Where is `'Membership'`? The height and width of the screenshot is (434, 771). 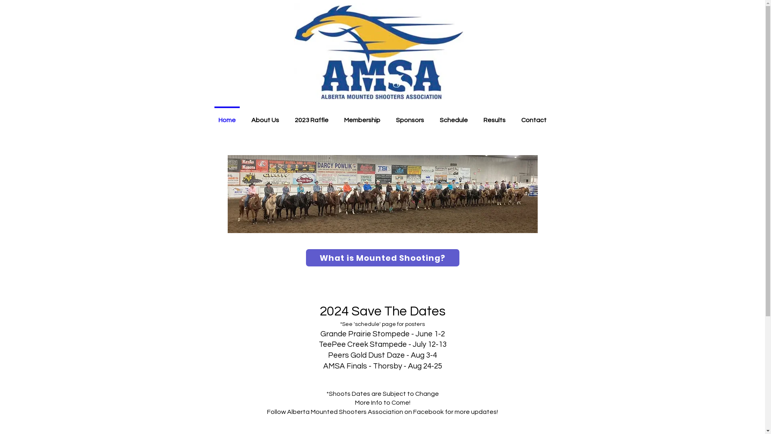 'Membership' is located at coordinates (362, 116).